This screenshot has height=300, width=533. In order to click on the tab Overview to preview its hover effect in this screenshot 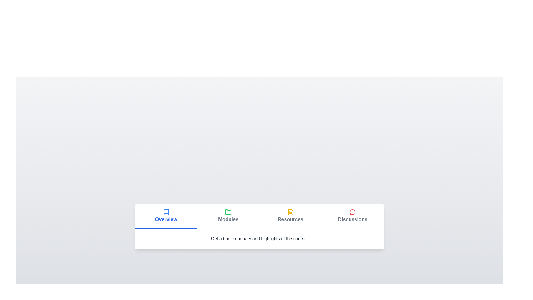, I will do `click(166, 216)`.